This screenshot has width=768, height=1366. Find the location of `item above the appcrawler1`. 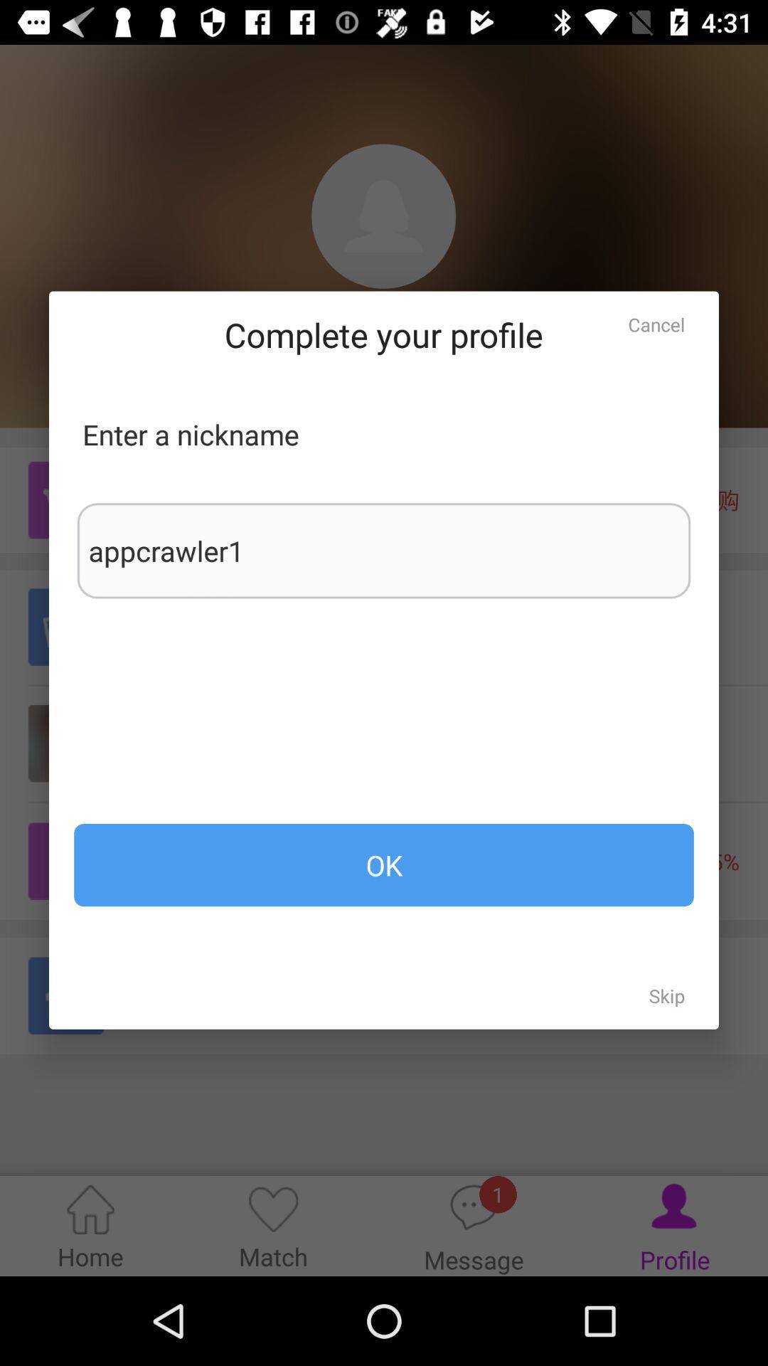

item above the appcrawler1 is located at coordinates (656, 324).